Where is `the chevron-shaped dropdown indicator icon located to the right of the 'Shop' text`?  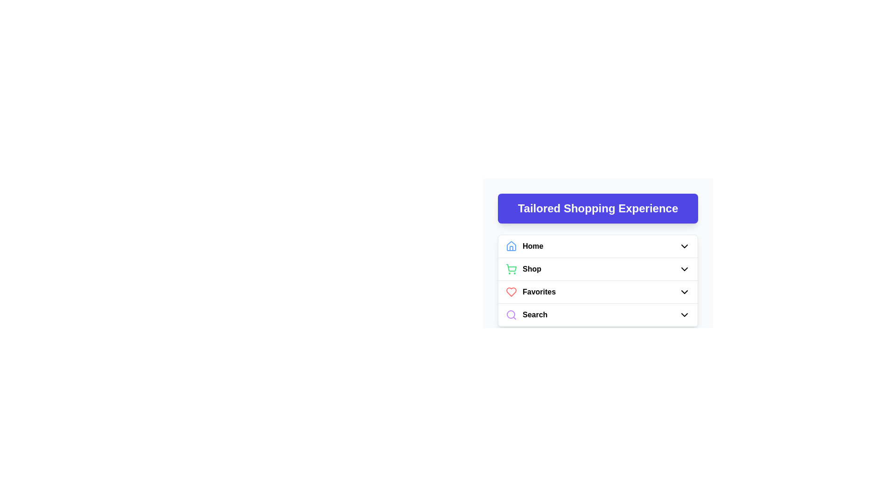 the chevron-shaped dropdown indicator icon located to the right of the 'Shop' text is located at coordinates (685, 269).